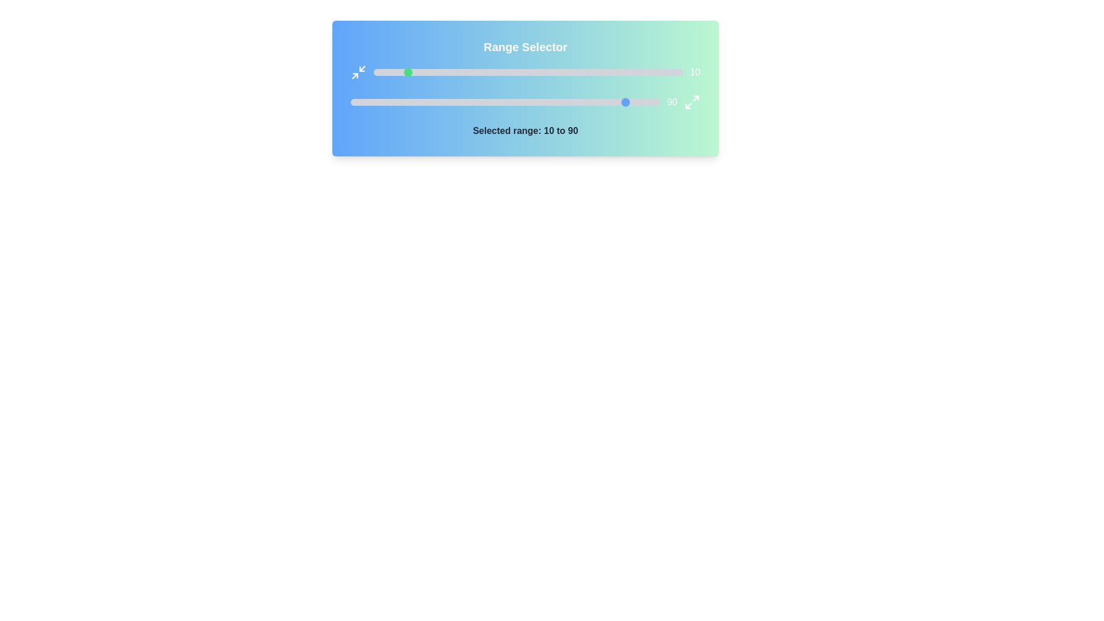 Image resolution: width=1104 pixels, height=621 pixels. What do you see at coordinates (463, 72) in the screenshot?
I see `the slider value` at bounding box center [463, 72].